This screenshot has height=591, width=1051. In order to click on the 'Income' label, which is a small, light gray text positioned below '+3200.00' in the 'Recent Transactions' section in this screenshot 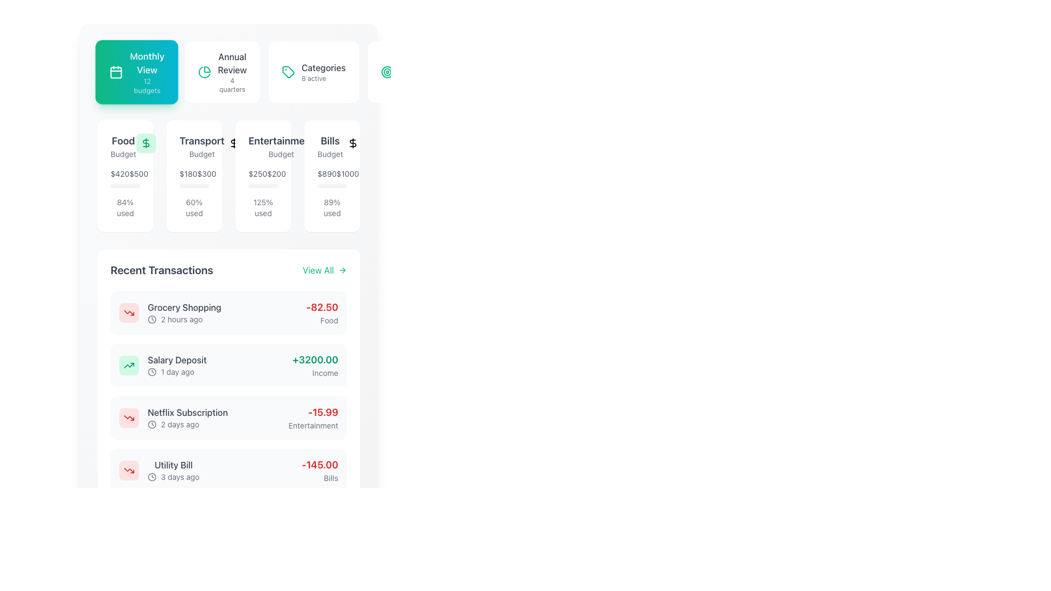, I will do `click(315, 373)`.